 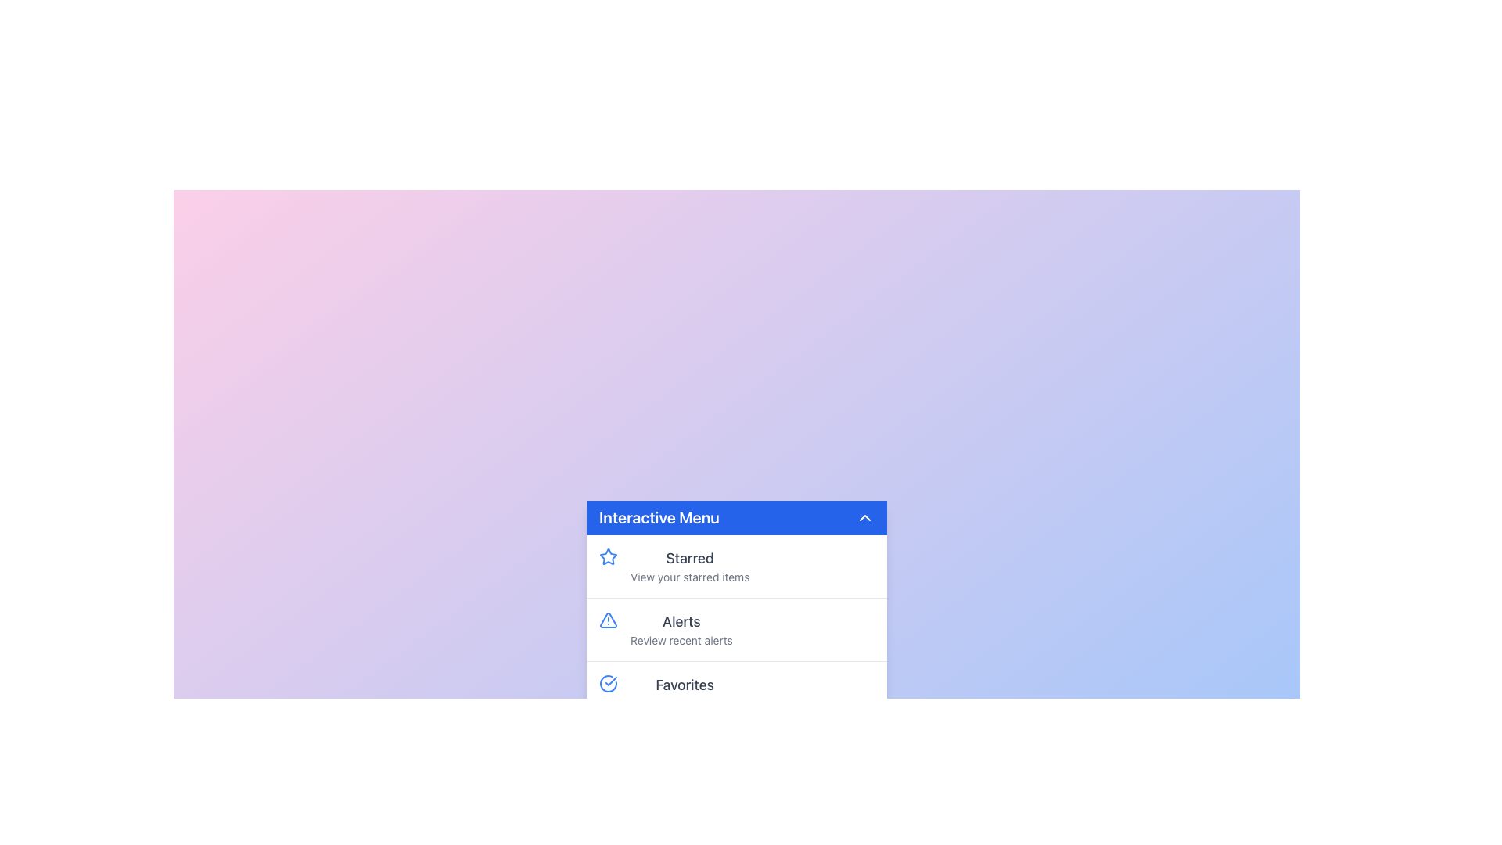 I want to click on the alert icon located to the left of the 'Alerts' label text in the second row of the menu under the 'Interactive Menu' header to interact with its associated functionality, so click(x=607, y=620).